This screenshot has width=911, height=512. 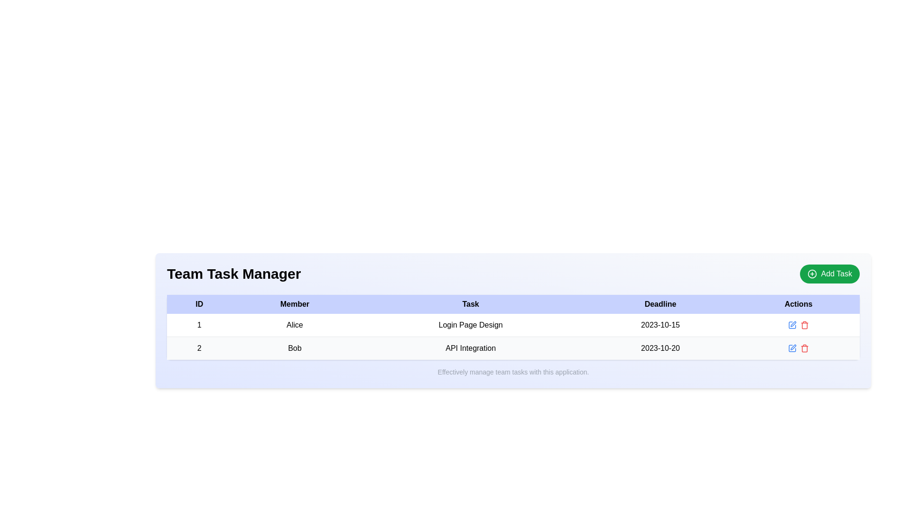 What do you see at coordinates (793, 323) in the screenshot?
I see `the pencil icon located in the 'Actions' column of the table` at bounding box center [793, 323].